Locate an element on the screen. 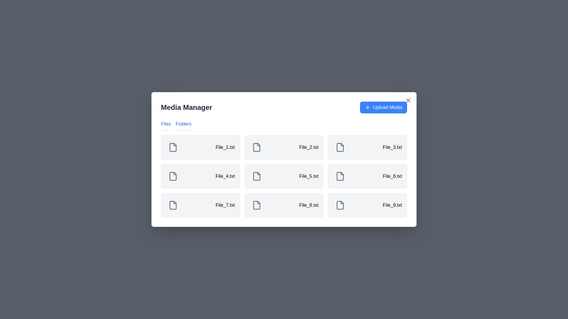  the close button represented by an SVG graphic located at the top-right corner of the interface, near the 'Upload Media' button, to potentially reveal a tooltip is located at coordinates (408, 100).